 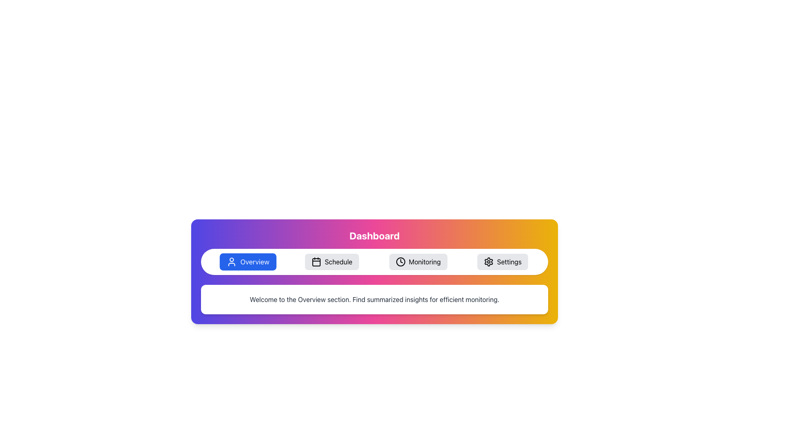 I want to click on the SVG circle that represents the dial of the clock icon, which is centrally located within the Monitoring button, so click(x=400, y=262).